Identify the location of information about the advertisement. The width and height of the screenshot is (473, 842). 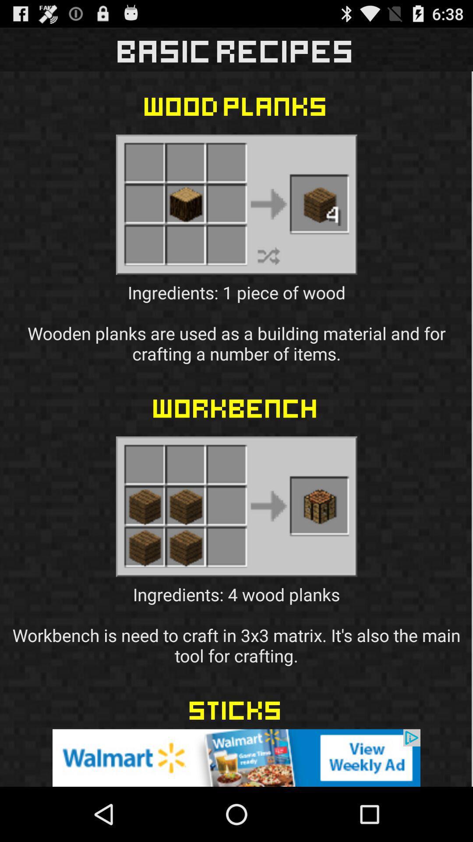
(236, 757).